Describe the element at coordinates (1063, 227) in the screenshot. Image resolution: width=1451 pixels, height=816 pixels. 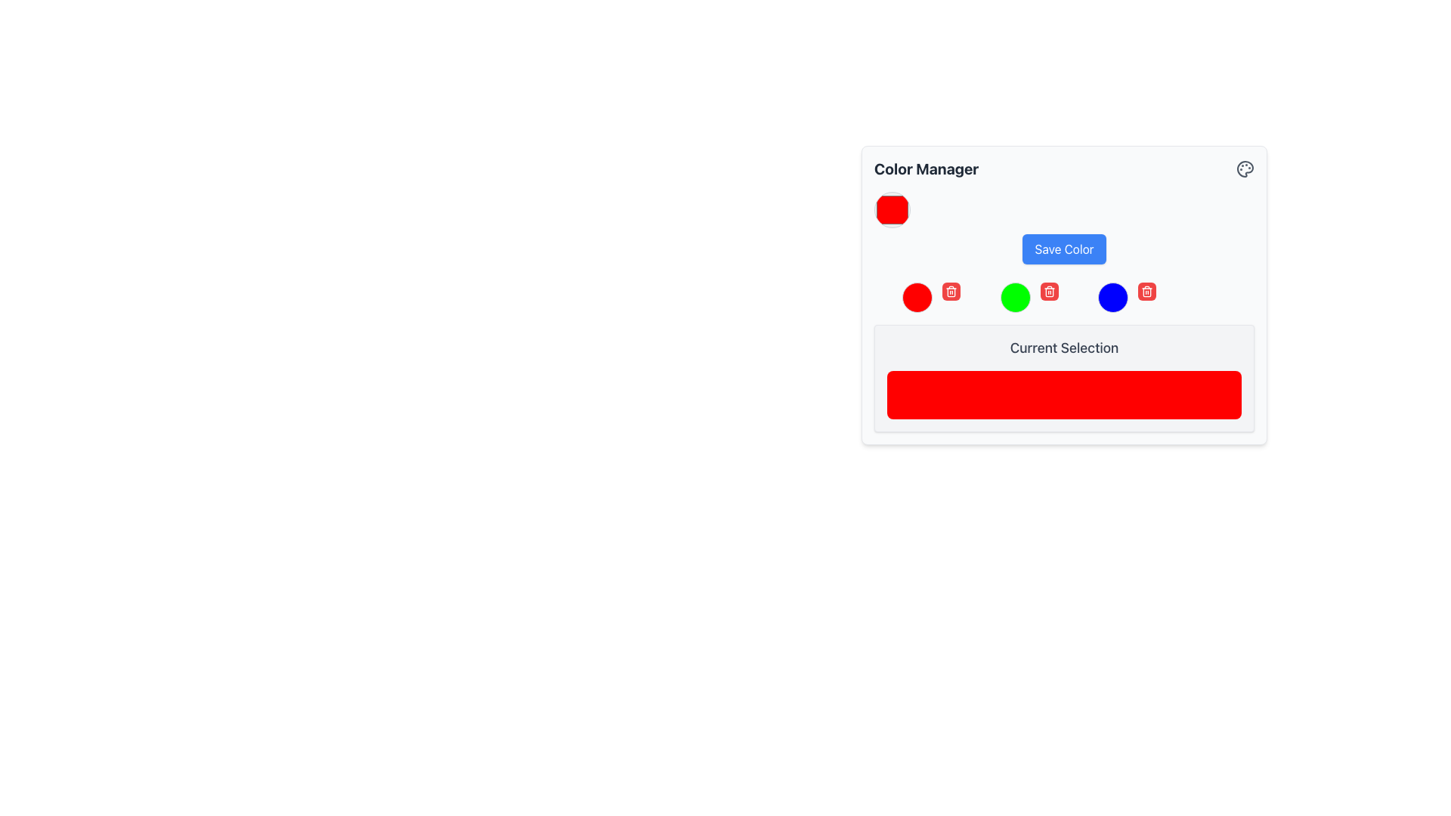
I see `the button to finalize and save the color selection` at that location.